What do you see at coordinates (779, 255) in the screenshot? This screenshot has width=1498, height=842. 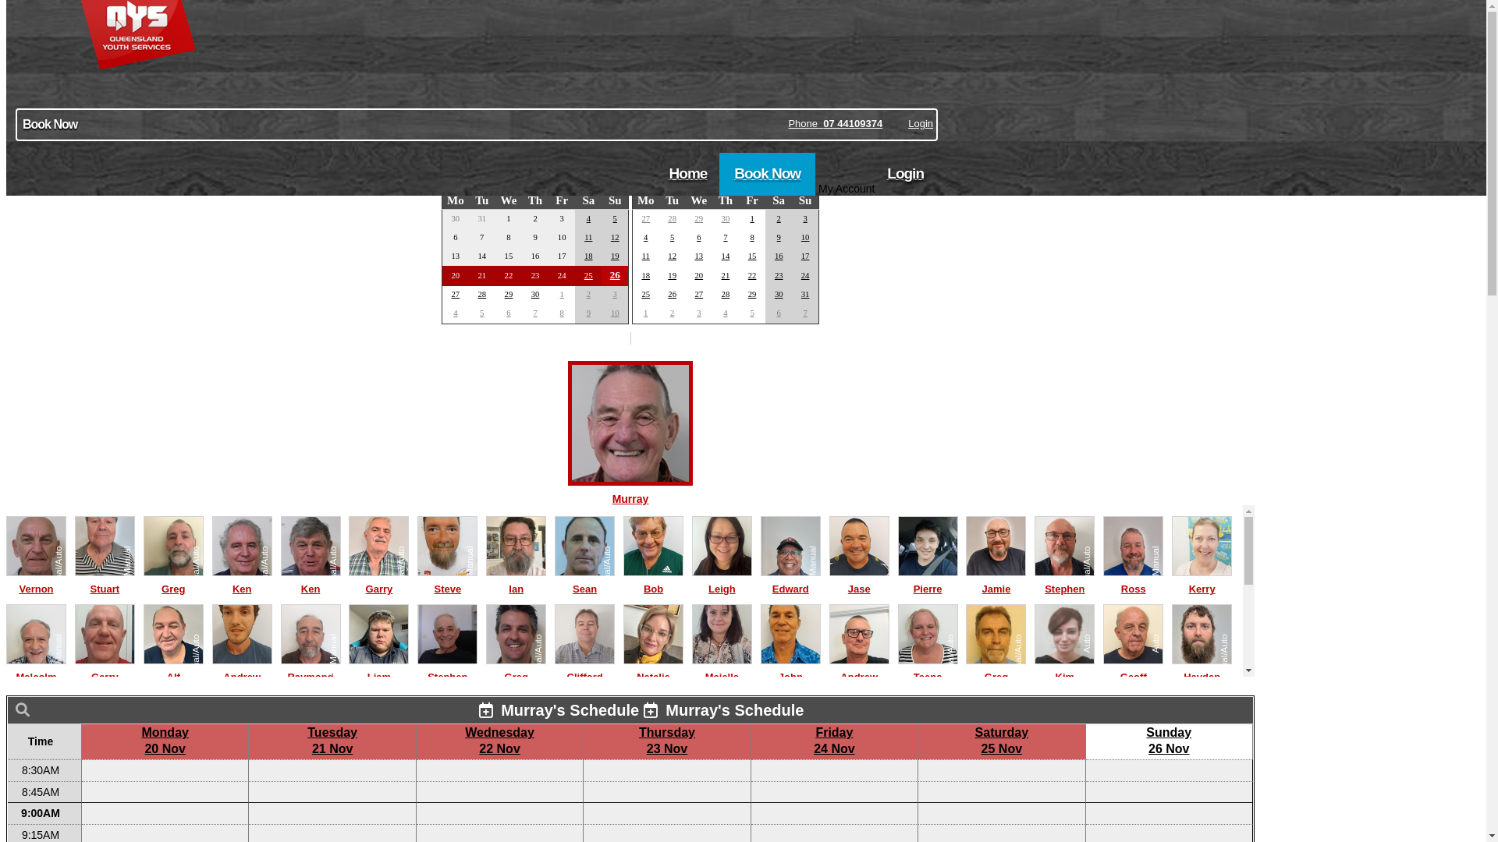 I see `'16'` at bounding box center [779, 255].